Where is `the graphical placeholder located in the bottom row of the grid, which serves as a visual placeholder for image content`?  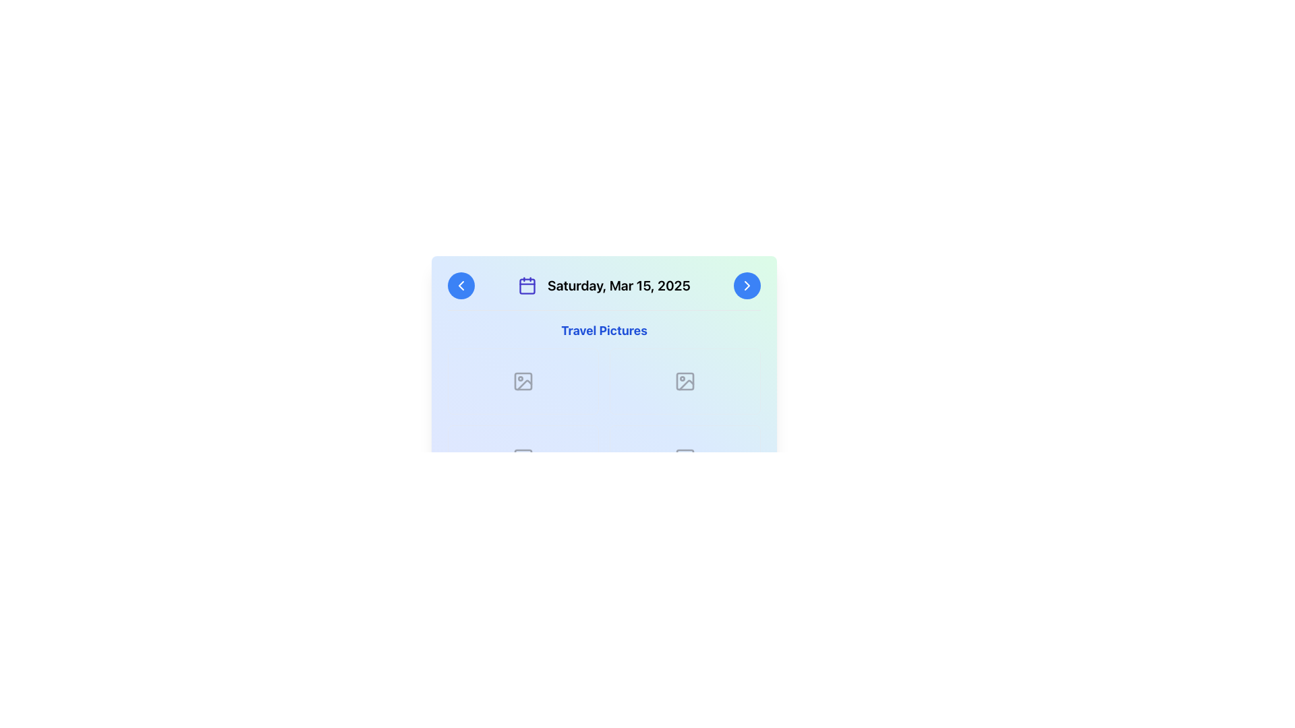 the graphical placeholder located in the bottom row of the grid, which serves as a visual placeholder for image content is located at coordinates (523, 457).